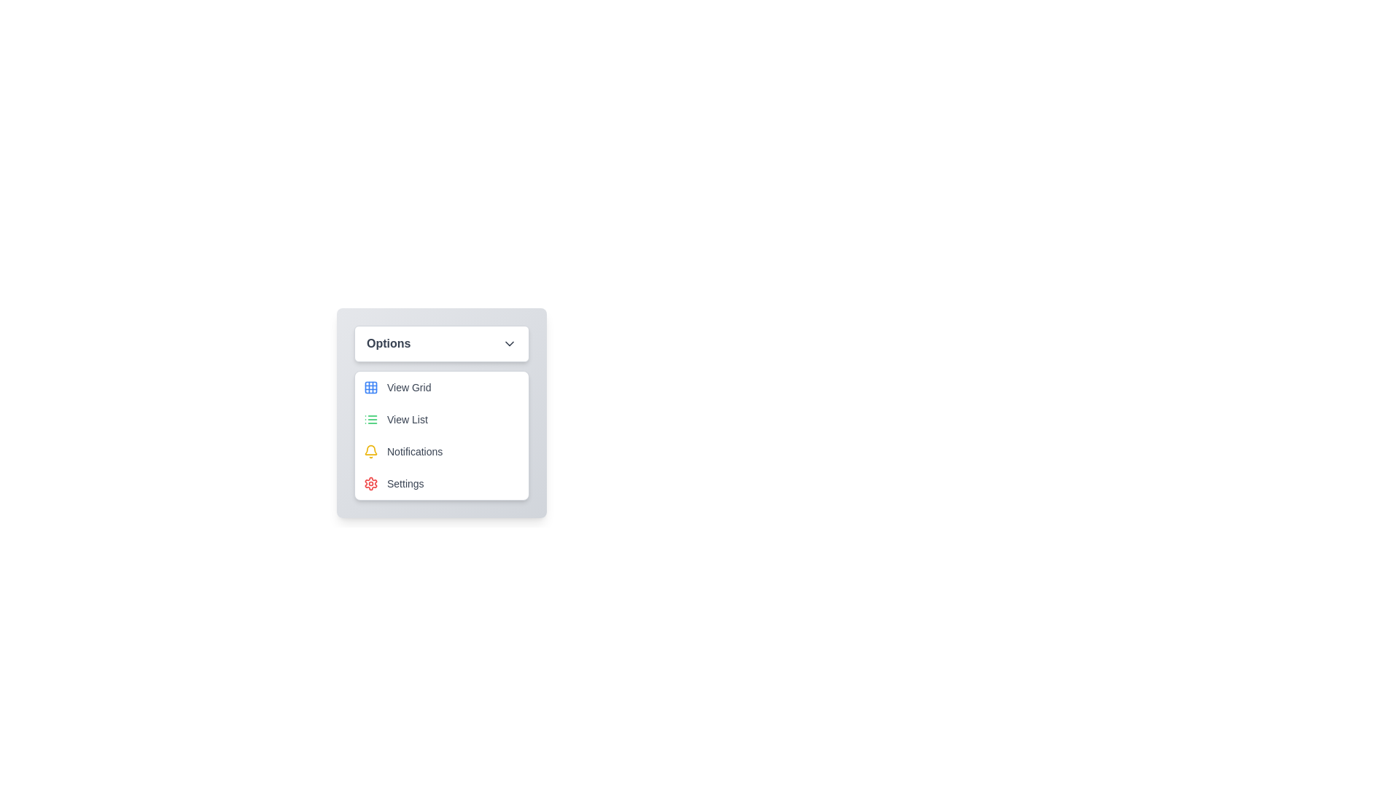 This screenshot has height=787, width=1400. Describe the element at coordinates (370, 419) in the screenshot. I see `the 'View List' icon located to the left of the label text in the dropdown menu, indicating the option to switch to a list view` at that location.